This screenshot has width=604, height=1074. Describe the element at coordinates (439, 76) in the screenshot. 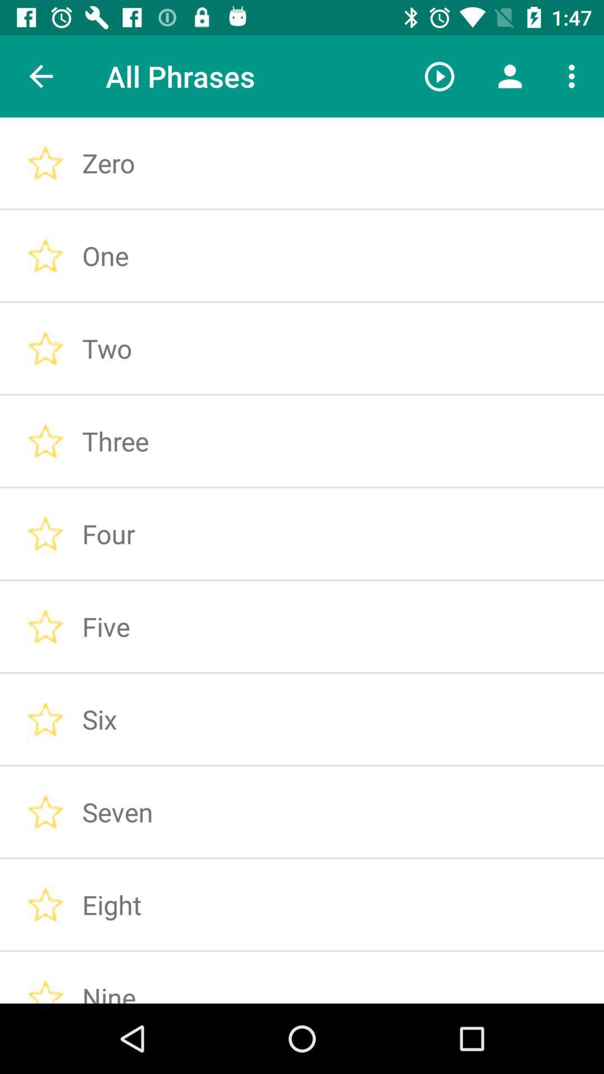

I see `icon to the right of all phrases icon` at that location.